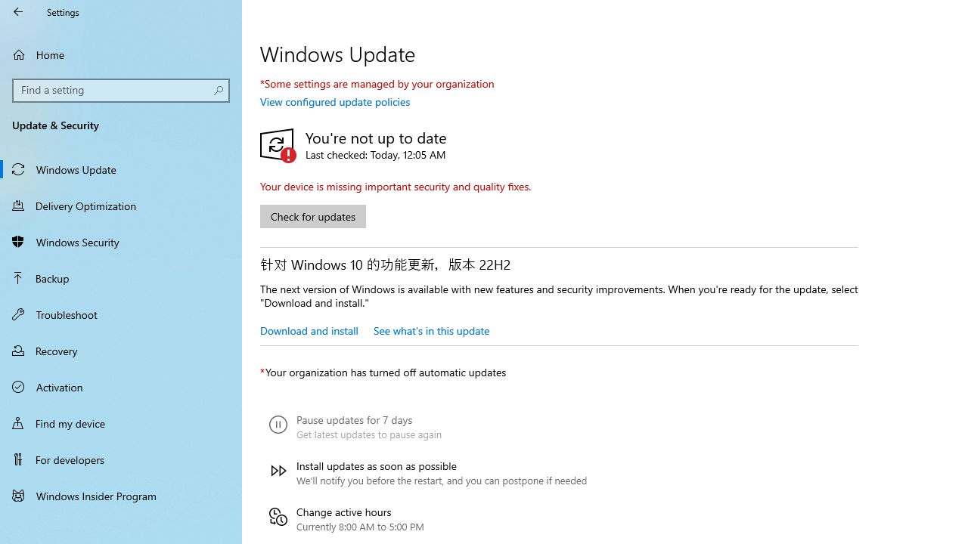 The image size is (968, 544). I want to click on 'Search box, Find a setting', so click(121, 90).